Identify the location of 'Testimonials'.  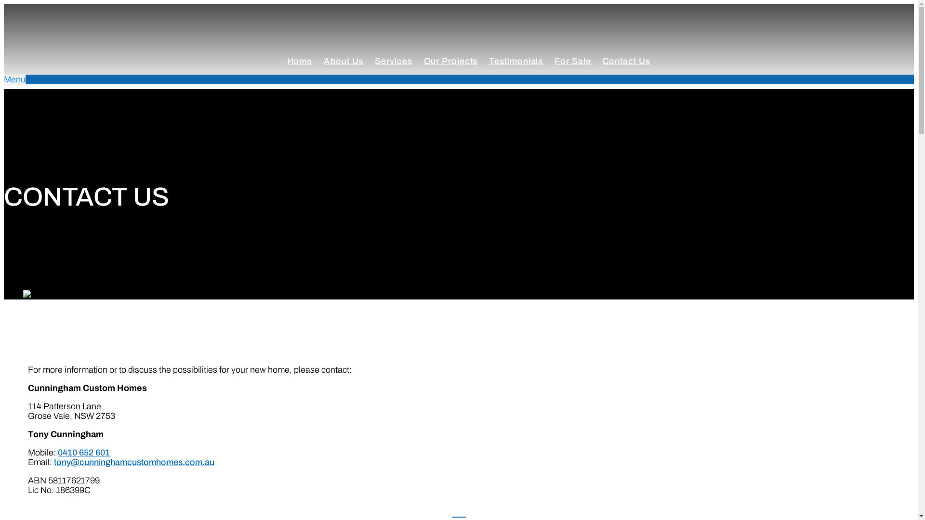
(515, 61).